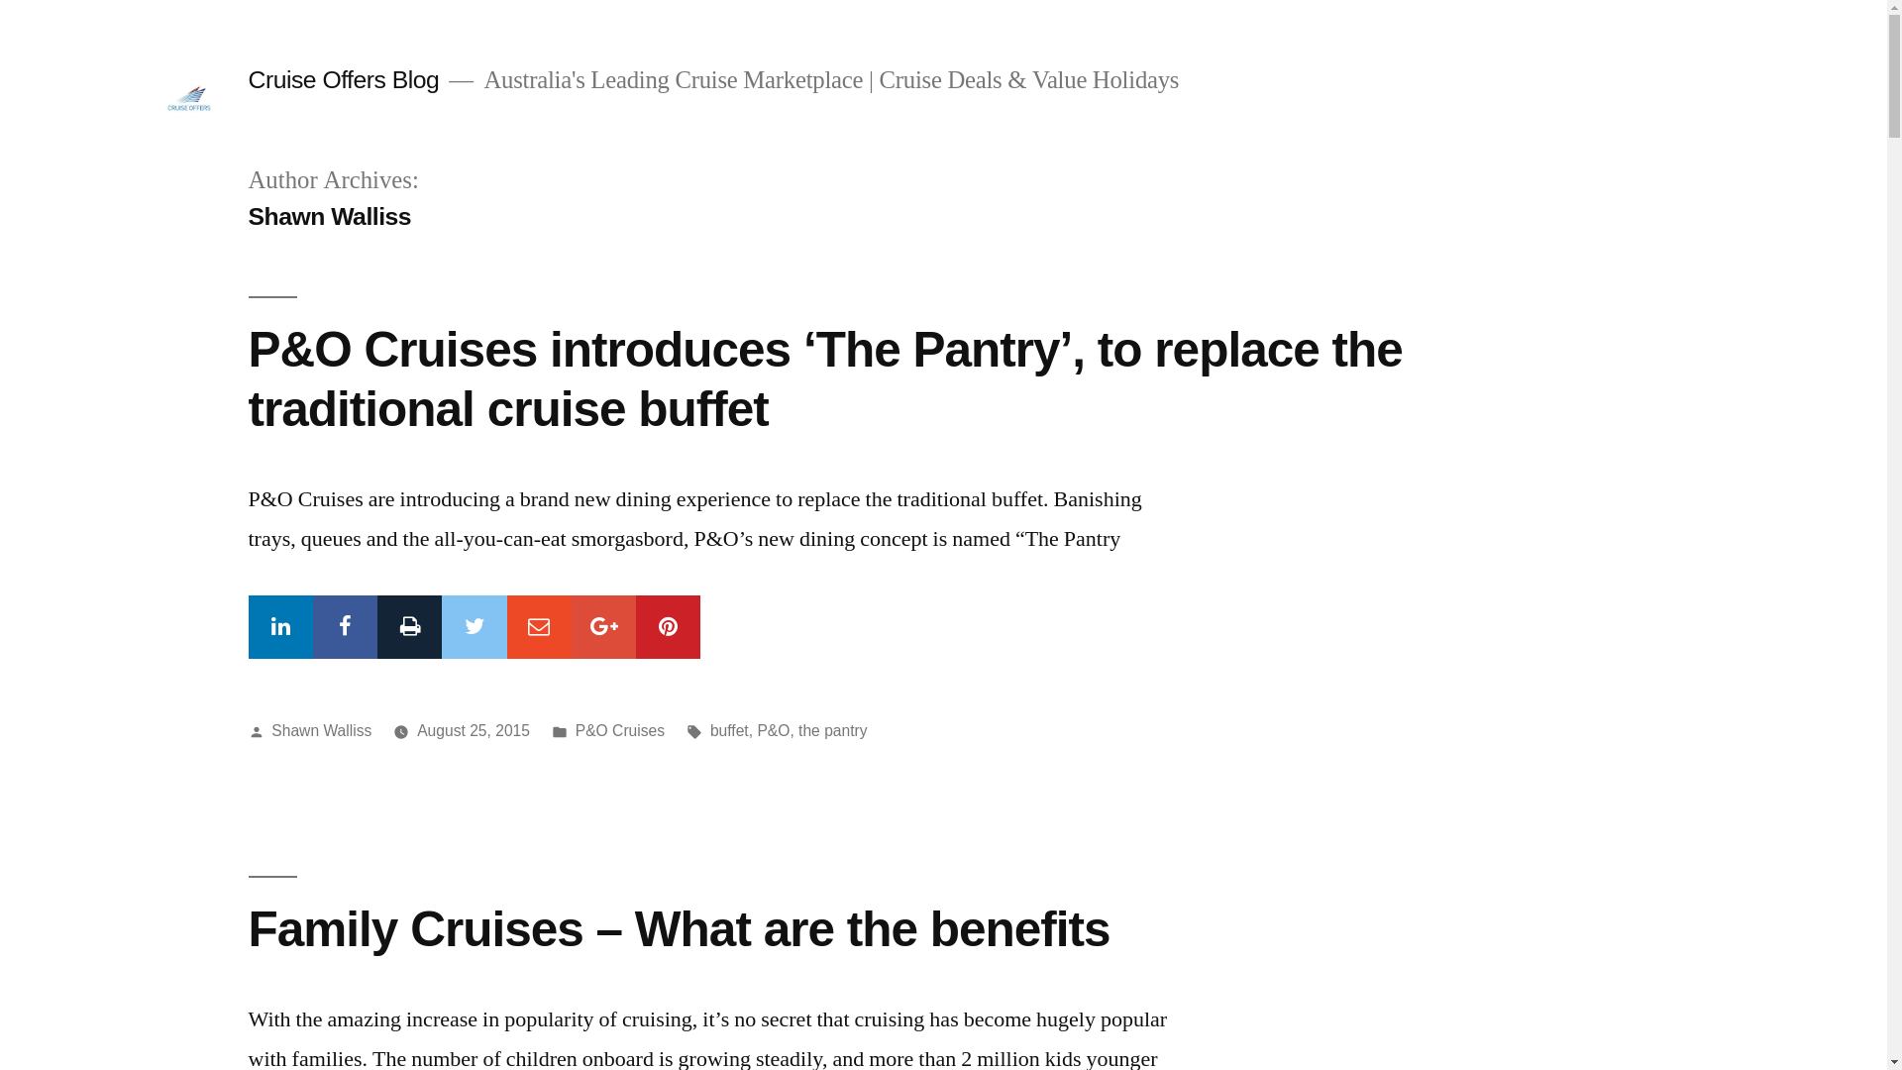 The width and height of the screenshot is (1902, 1070). What do you see at coordinates (539, 626) in the screenshot?
I see `'Mail'` at bounding box center [539, 626].